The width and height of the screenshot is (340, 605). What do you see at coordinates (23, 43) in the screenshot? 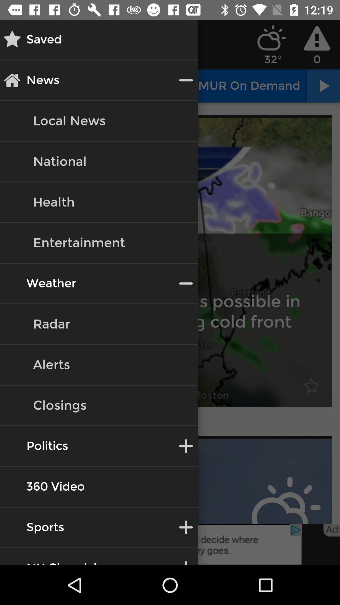
I see `the star icon` at bounding box center [23, 43].